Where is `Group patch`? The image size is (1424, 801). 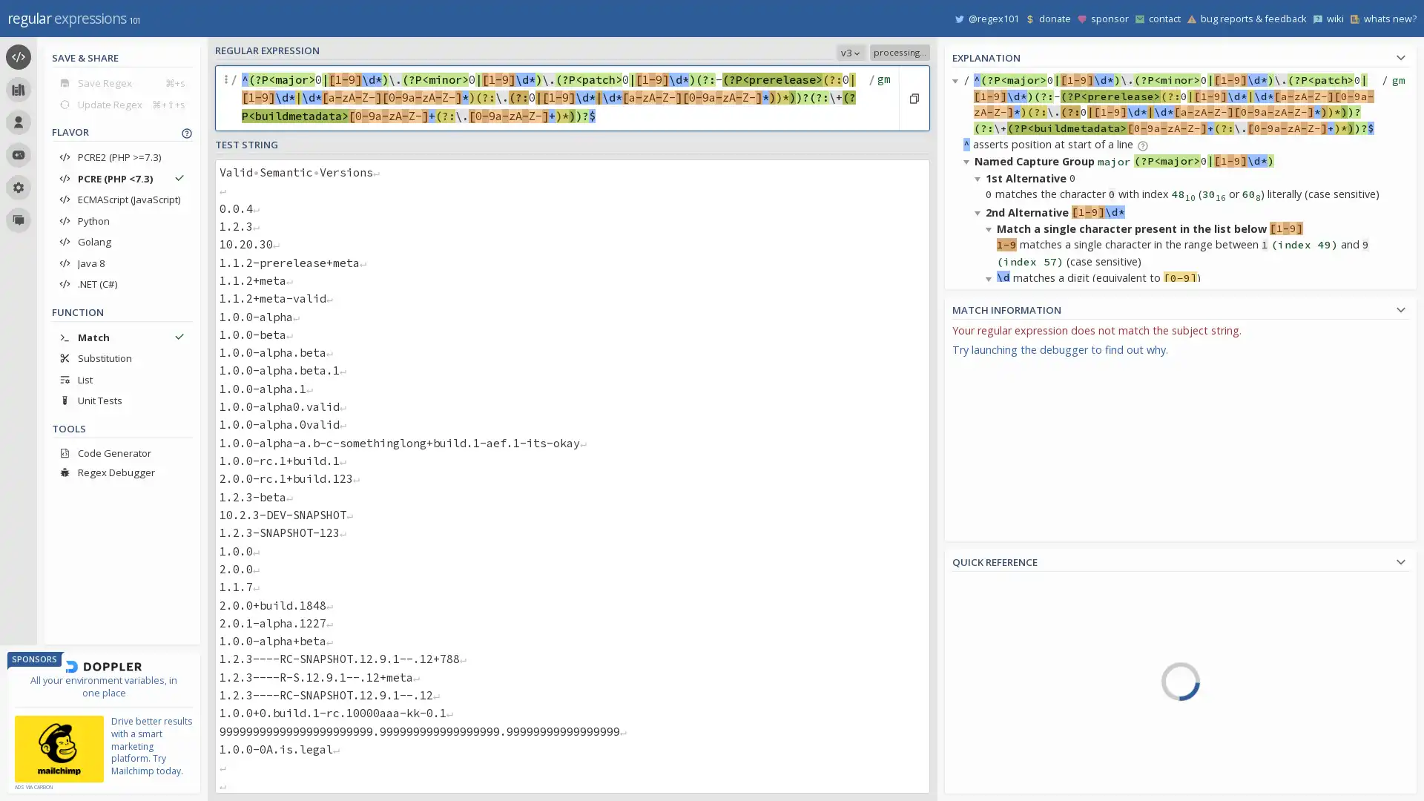
Group patch is located at coordinates (992, 544).